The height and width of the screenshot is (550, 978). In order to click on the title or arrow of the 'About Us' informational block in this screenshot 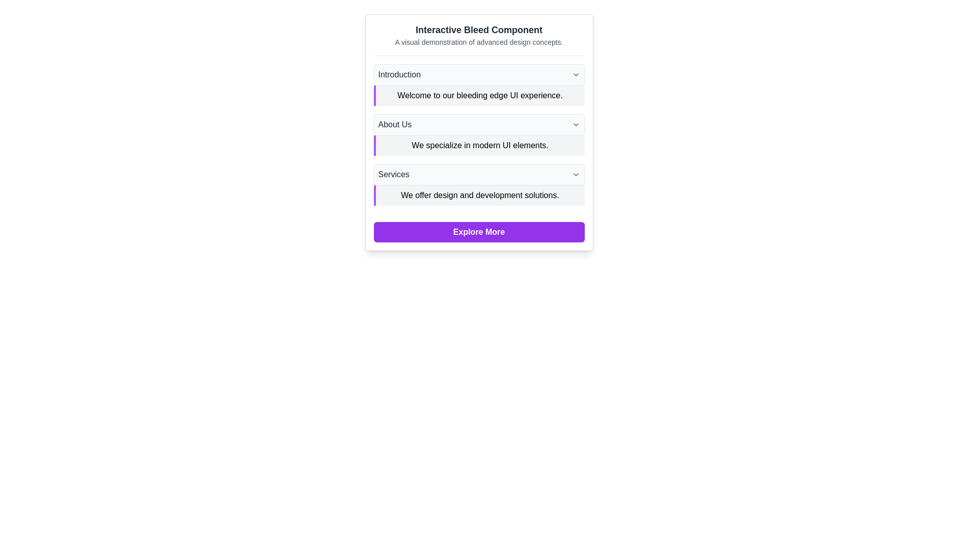, I will do `click(478, 134)`.